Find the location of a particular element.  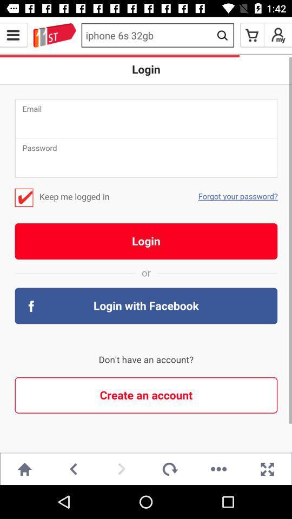

the avatar icon is located at coordinates (278, 35).